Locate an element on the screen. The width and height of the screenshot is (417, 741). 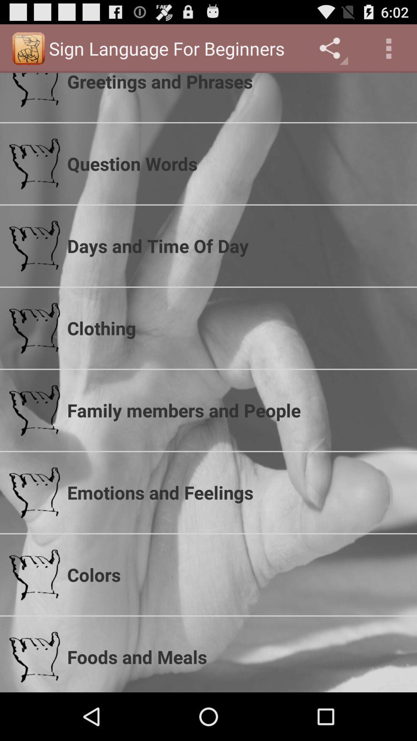
emotions and feelings app is located at coordinates (237, 492).